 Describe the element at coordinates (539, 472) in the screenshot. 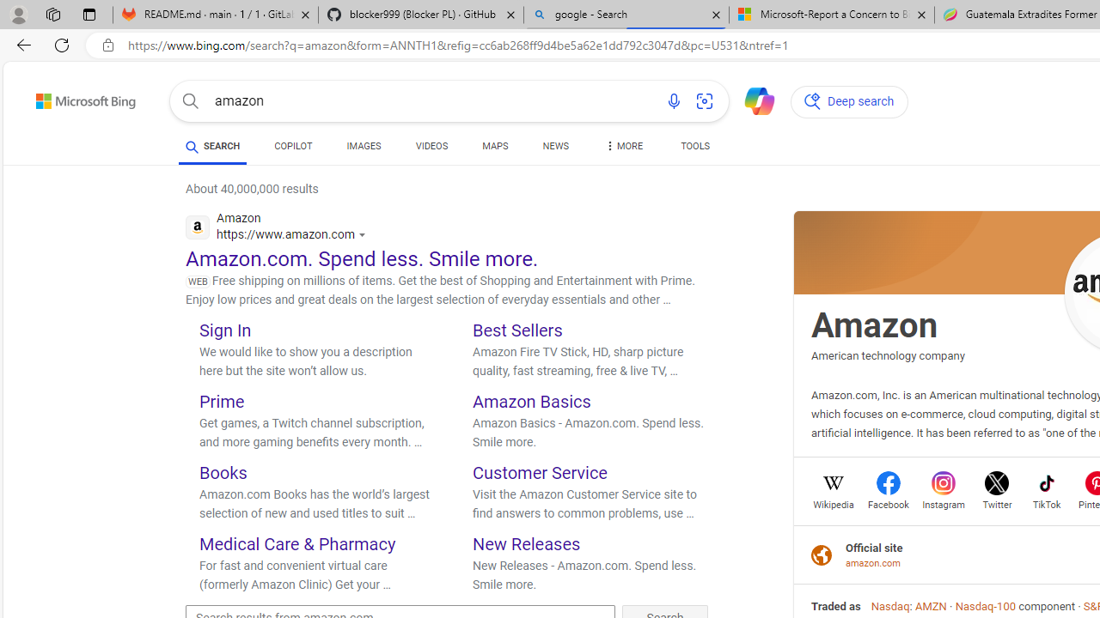

I see `'Customer Service'` at that location.